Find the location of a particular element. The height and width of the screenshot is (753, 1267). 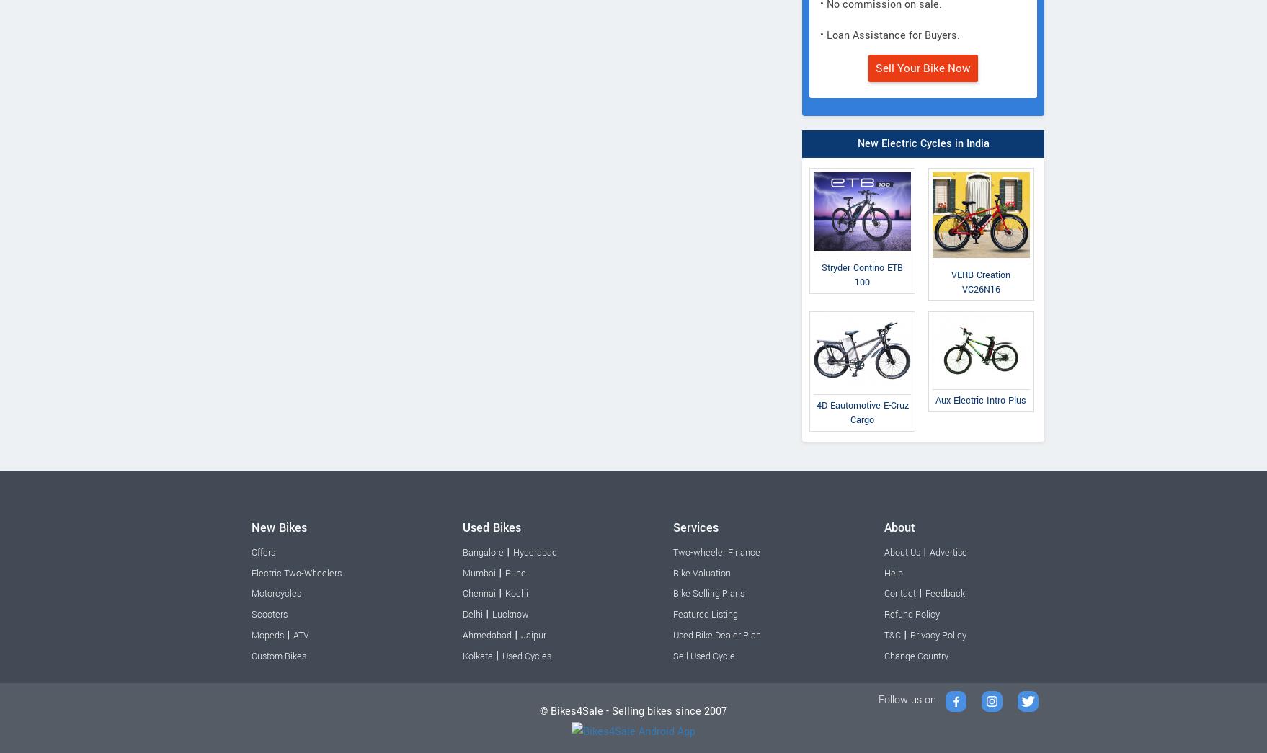

'Help' is located at coordinates (893, 573).